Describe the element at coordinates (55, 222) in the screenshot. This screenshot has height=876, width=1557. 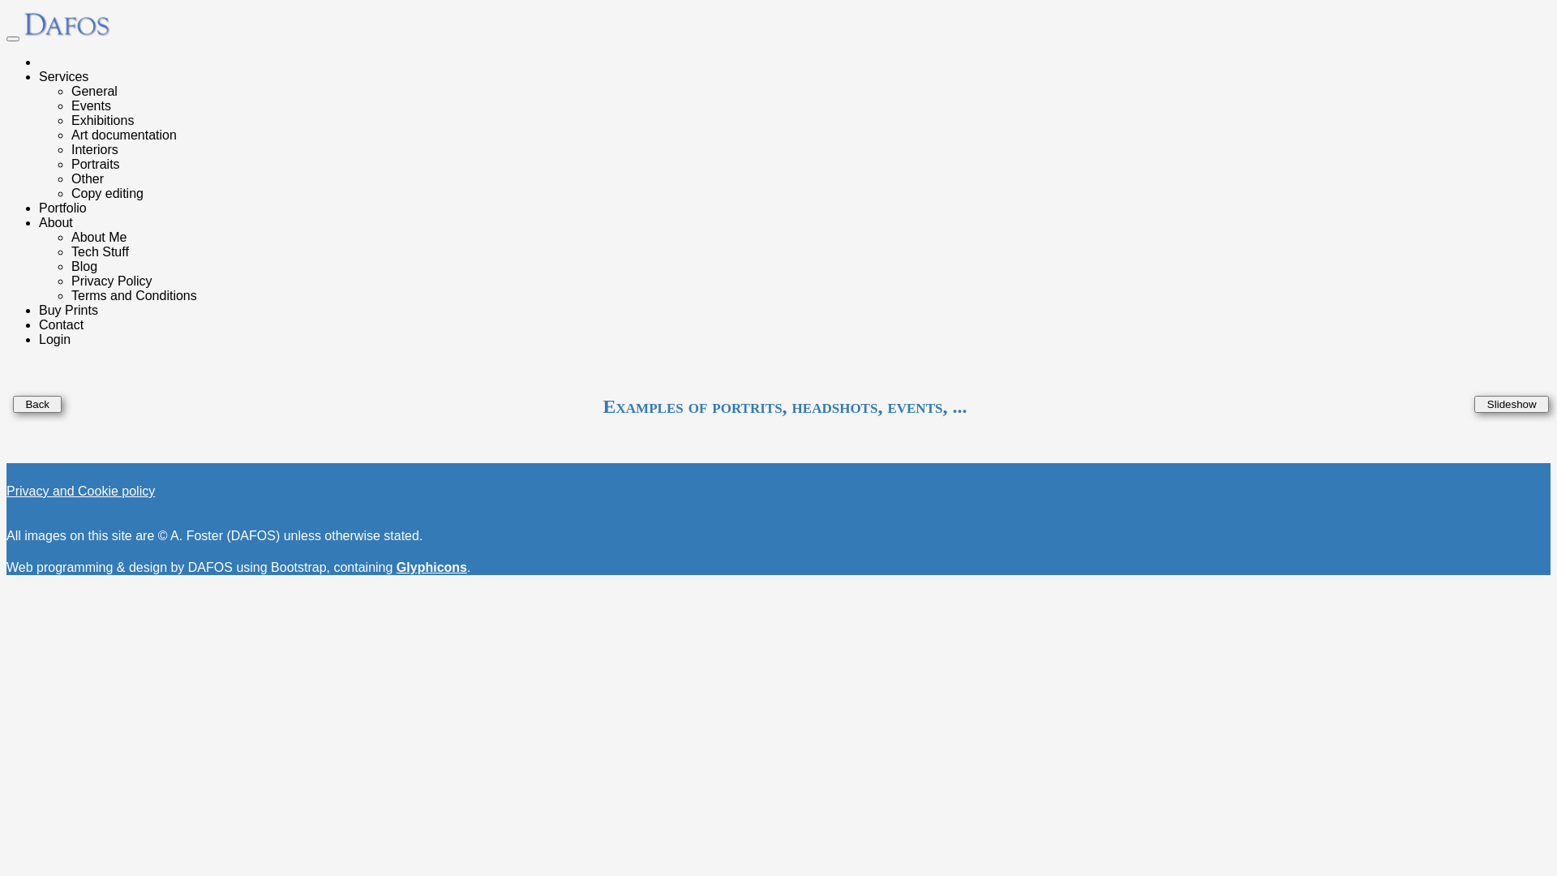
I see `'About'` at that location.